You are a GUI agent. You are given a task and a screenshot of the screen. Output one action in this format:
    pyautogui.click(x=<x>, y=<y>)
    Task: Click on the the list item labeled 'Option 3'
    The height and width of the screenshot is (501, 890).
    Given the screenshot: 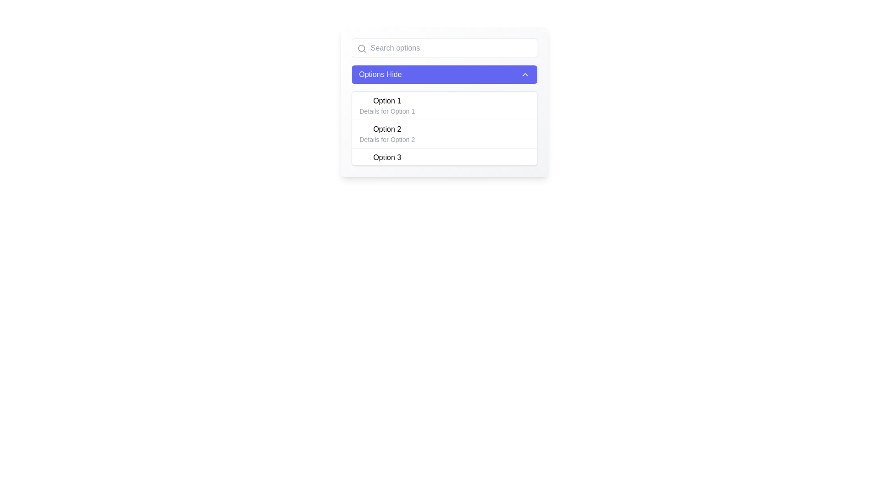 What is the action you would take?
    pyautogui.click(x=387, y=162)
    